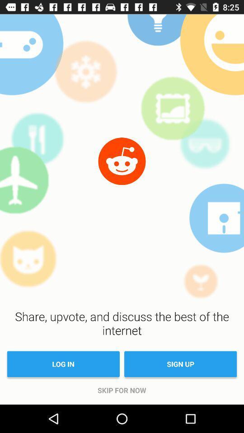 This screenshot has width=244, height=433. Describe the element at coordinates (63, 364) in the screenshot. I see `item below share upvote and` at that location.